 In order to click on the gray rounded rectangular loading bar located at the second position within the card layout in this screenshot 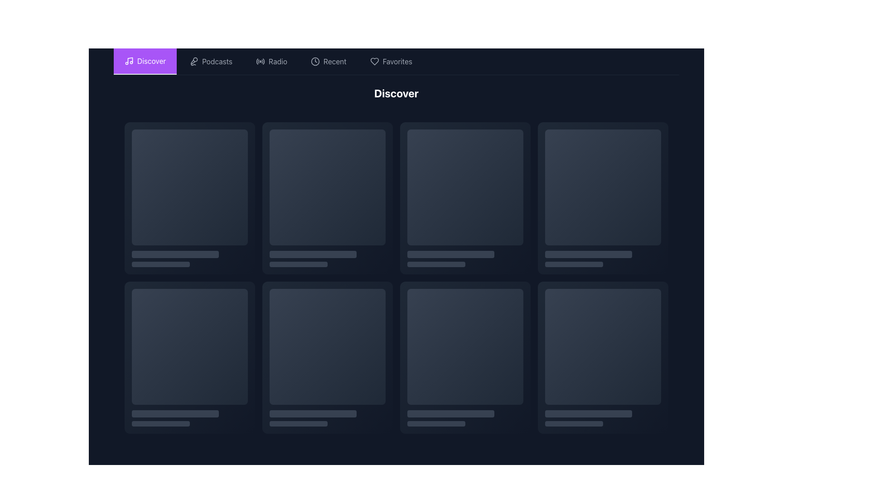, I will do `click(450, 254)`.